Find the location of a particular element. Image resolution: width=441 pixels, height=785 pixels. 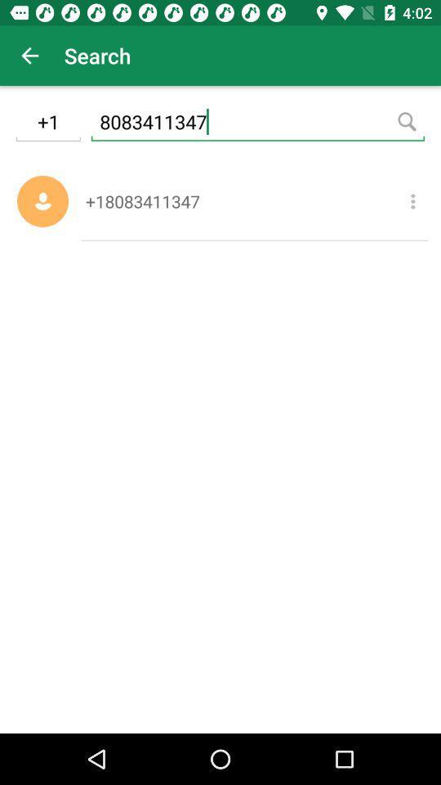

item next to +18083411347 icon is located at coordinates (412, 200).